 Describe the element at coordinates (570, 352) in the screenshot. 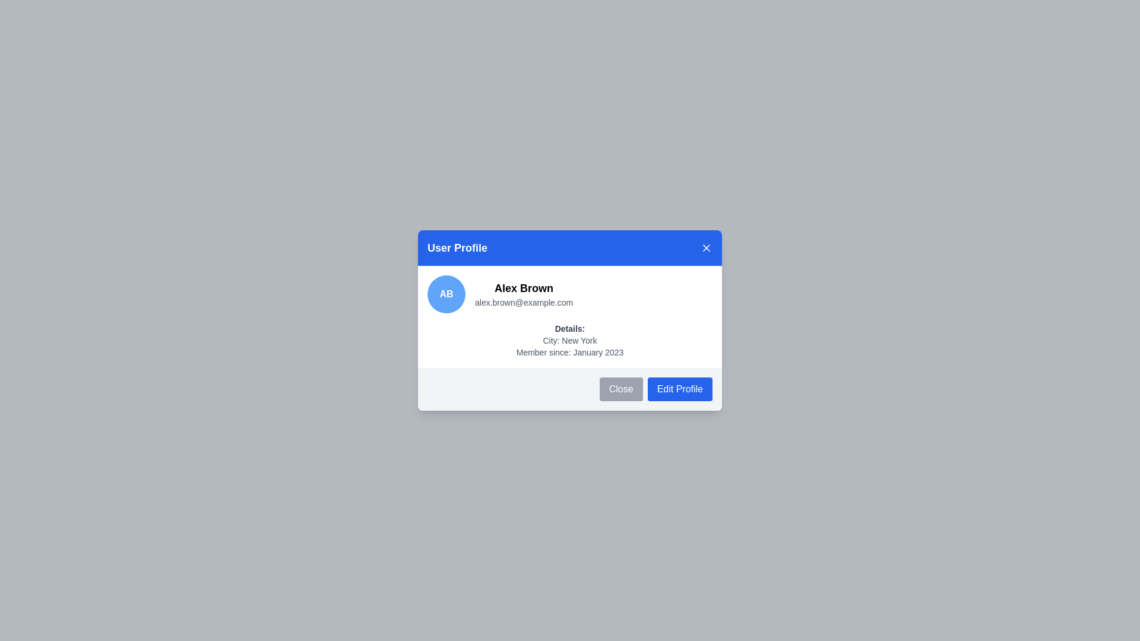

I see `the static text display that shows 'Member since: January 2023', located beneath 'City: New York' in the user profile section` at that location.